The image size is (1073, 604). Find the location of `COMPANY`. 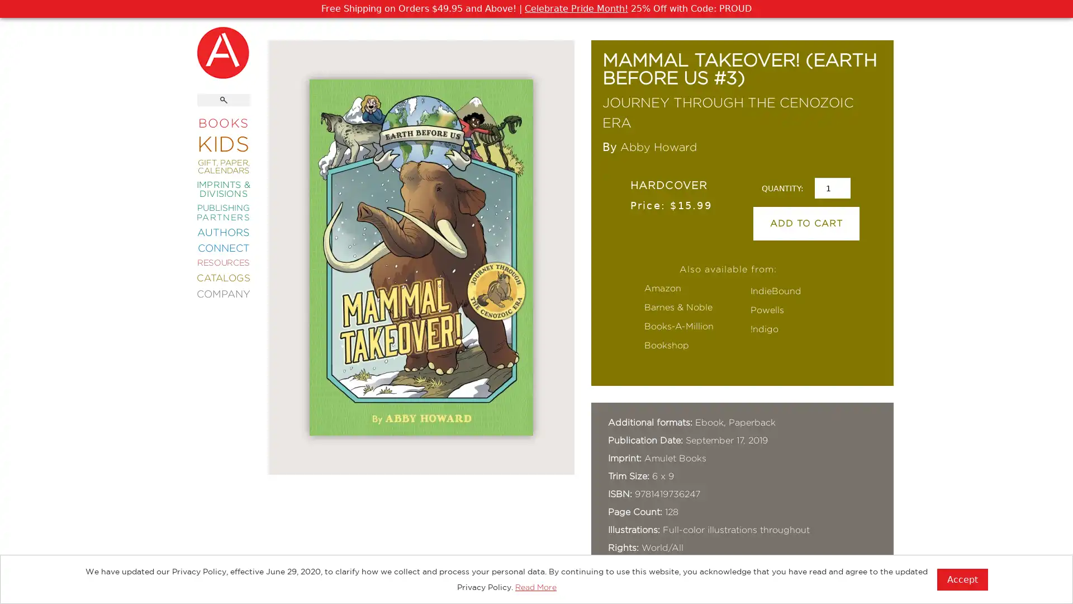

COMPANY is located at coordinates (223, 292).